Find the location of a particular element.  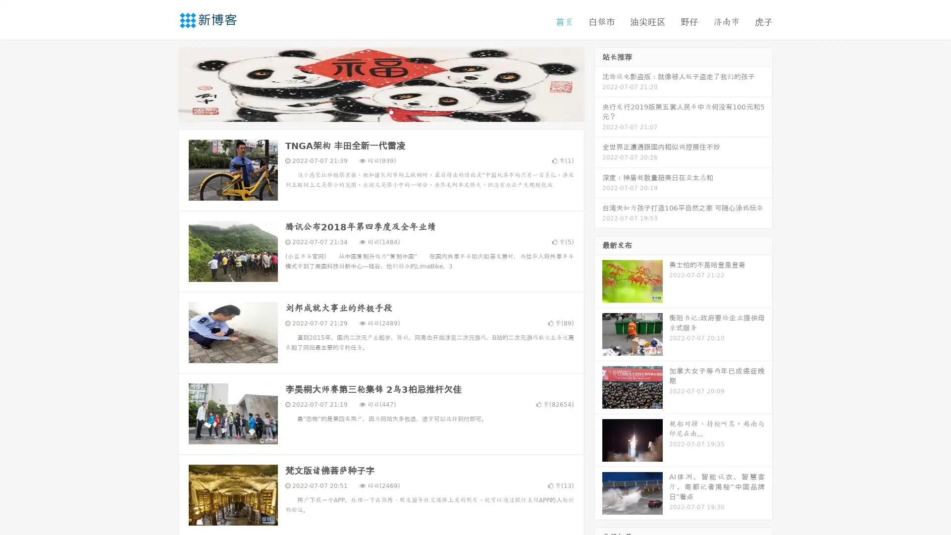

Go to slide 3 is located at coordinates (391, 111).